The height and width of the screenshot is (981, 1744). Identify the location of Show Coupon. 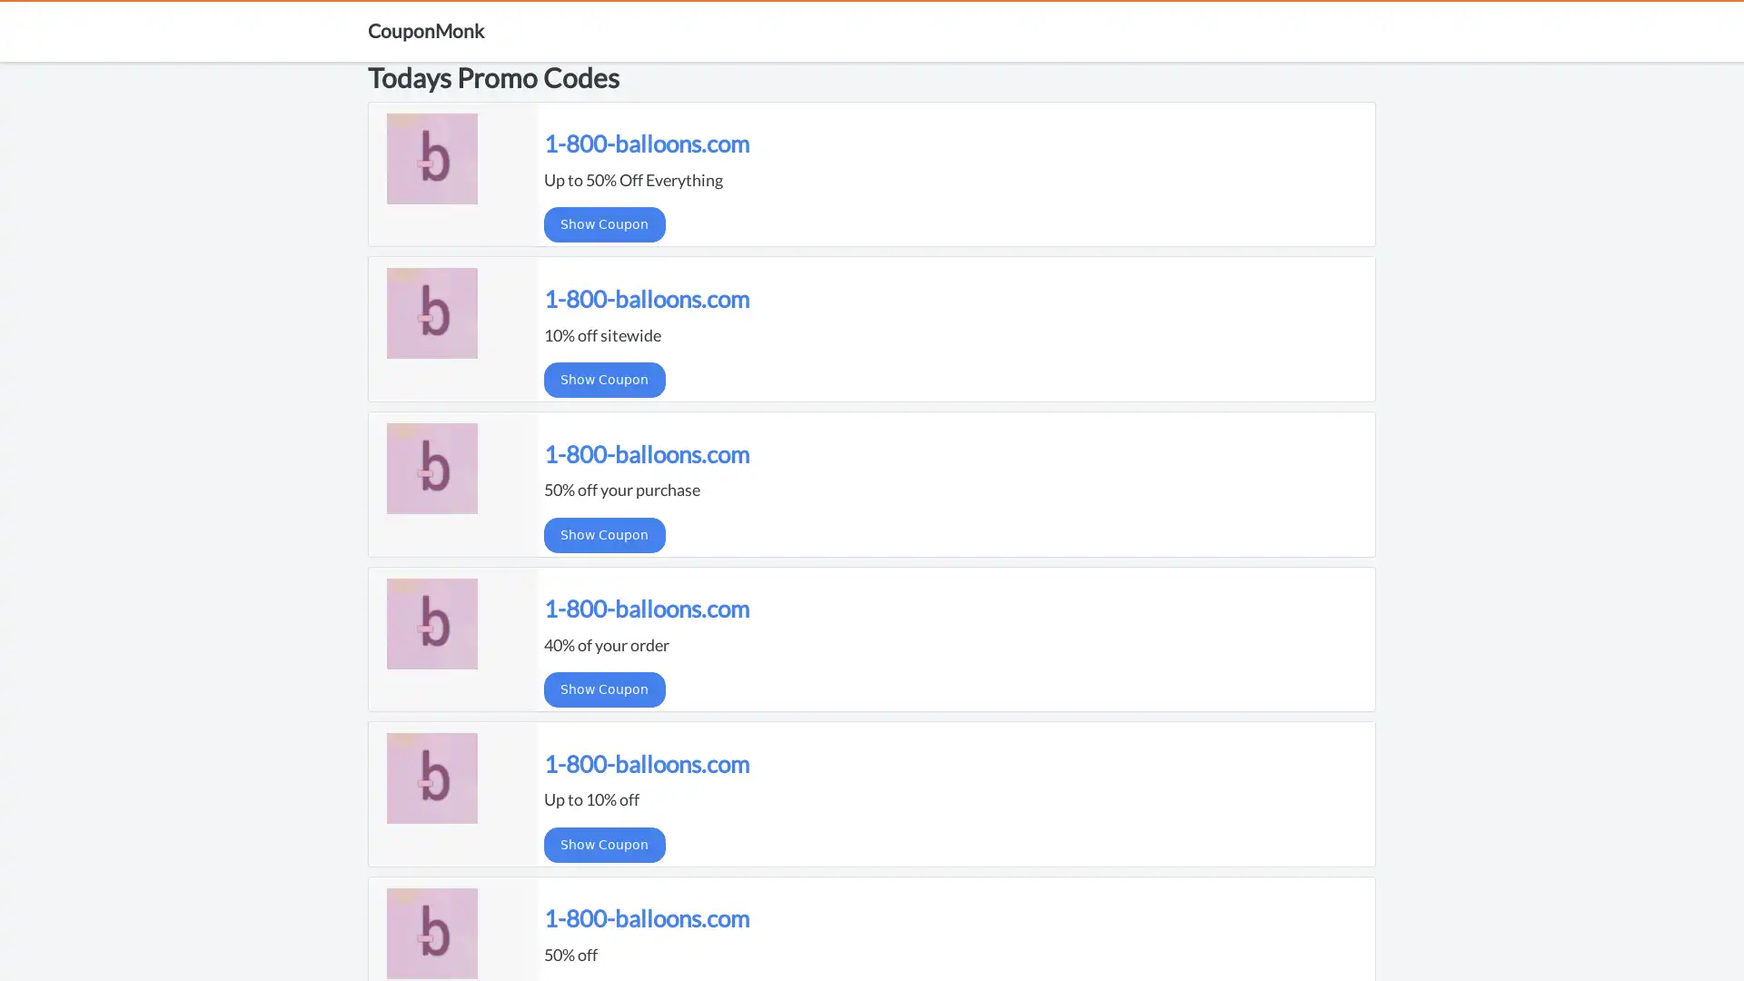
(604, 378).